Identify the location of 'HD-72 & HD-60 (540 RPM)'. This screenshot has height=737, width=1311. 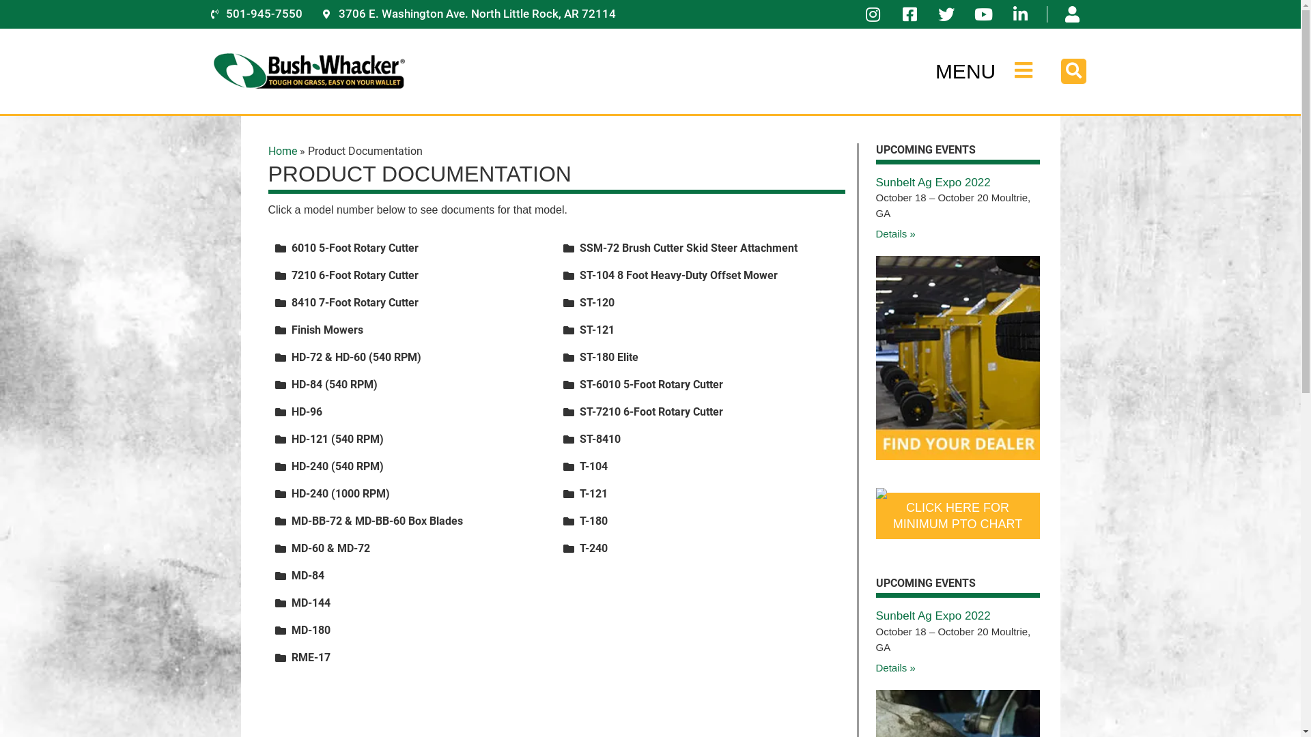
(356, 356).